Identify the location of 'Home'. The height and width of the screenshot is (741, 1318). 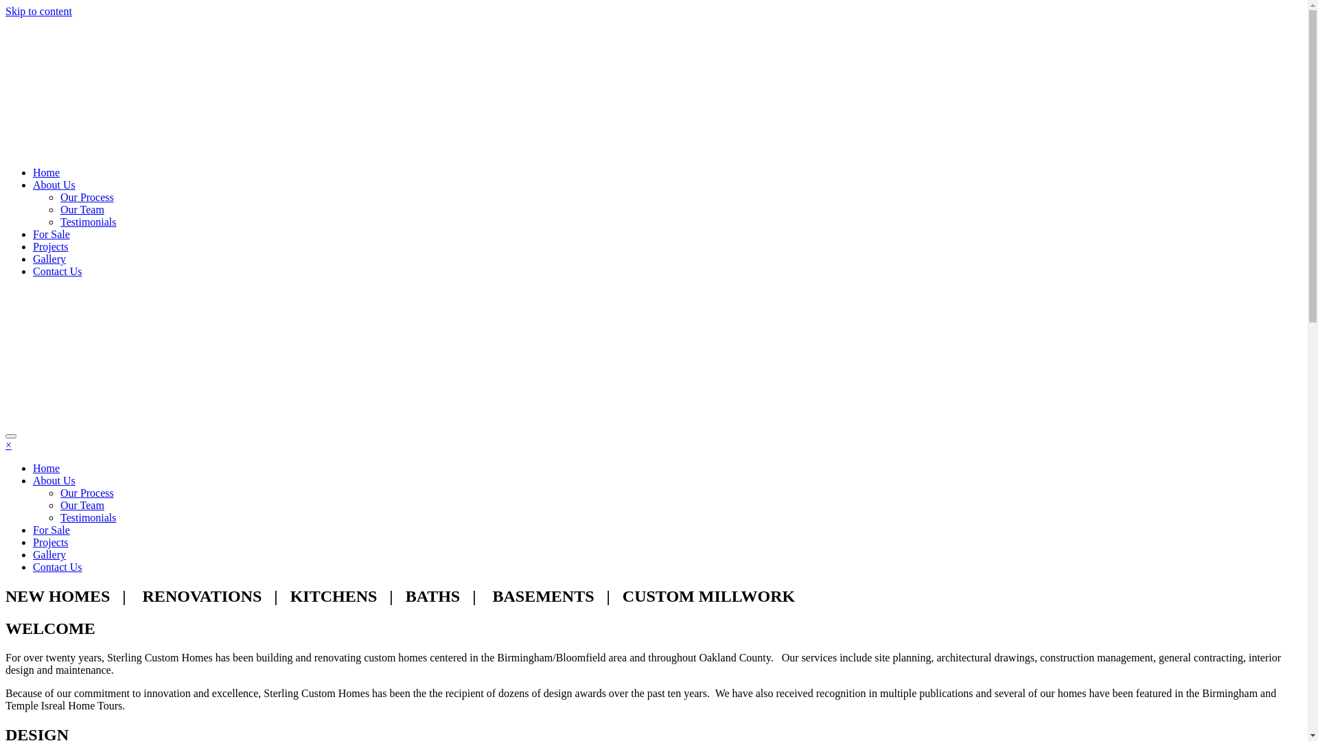
(46, 467).